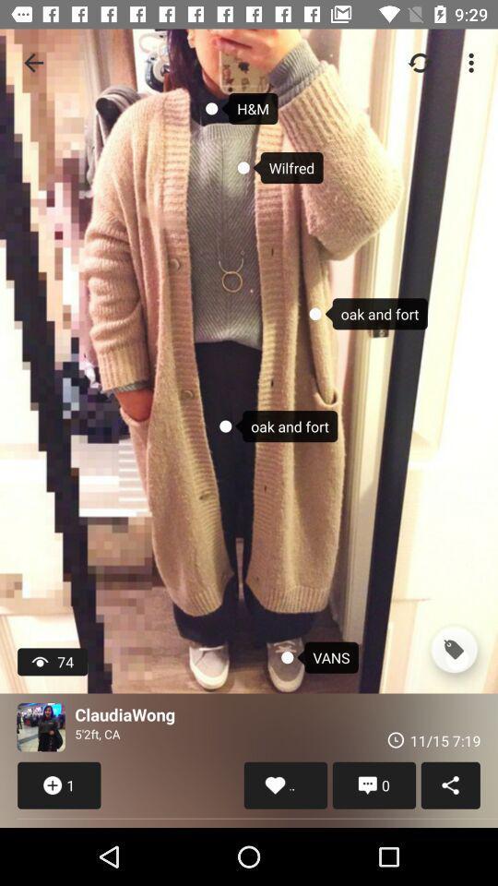 The image size is (498, 886). Describe the element at coordinates (420, 63) in the screenshot. I see `the icon to the right of h&m item` at that location.